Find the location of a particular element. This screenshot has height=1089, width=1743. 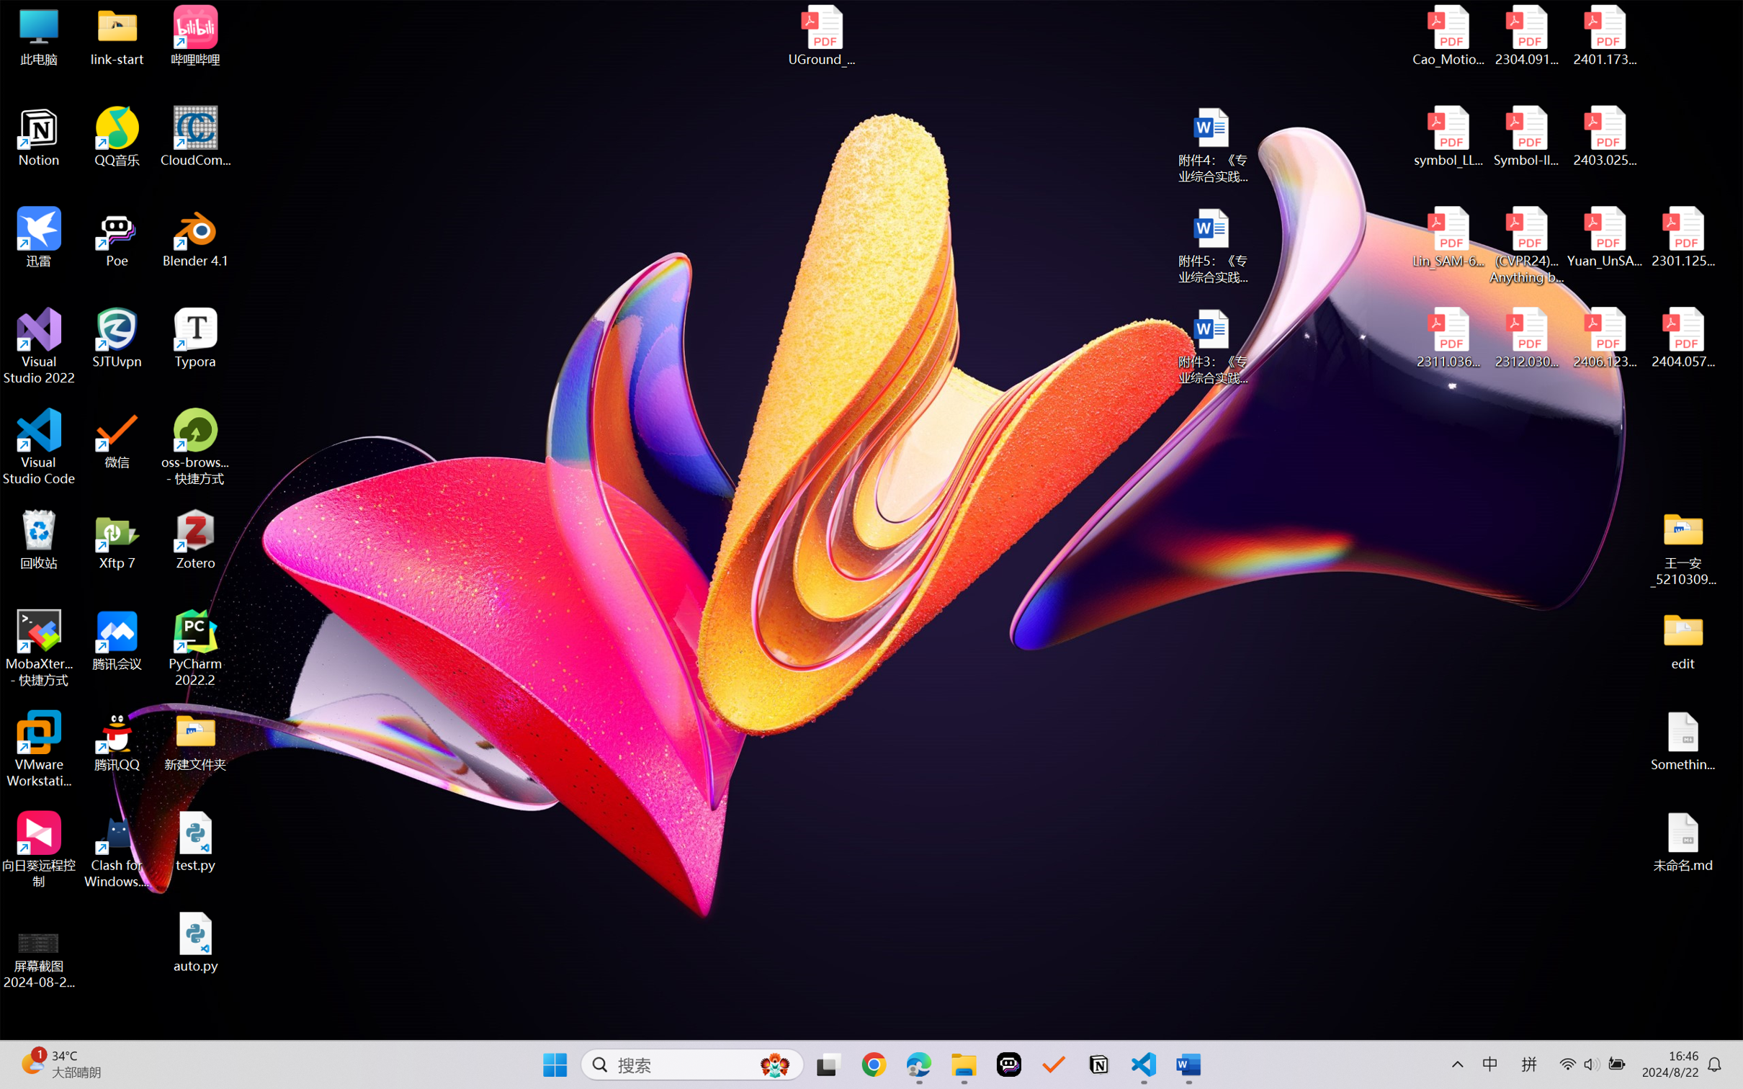

'auto.py' is located at coordinates (195, 942).